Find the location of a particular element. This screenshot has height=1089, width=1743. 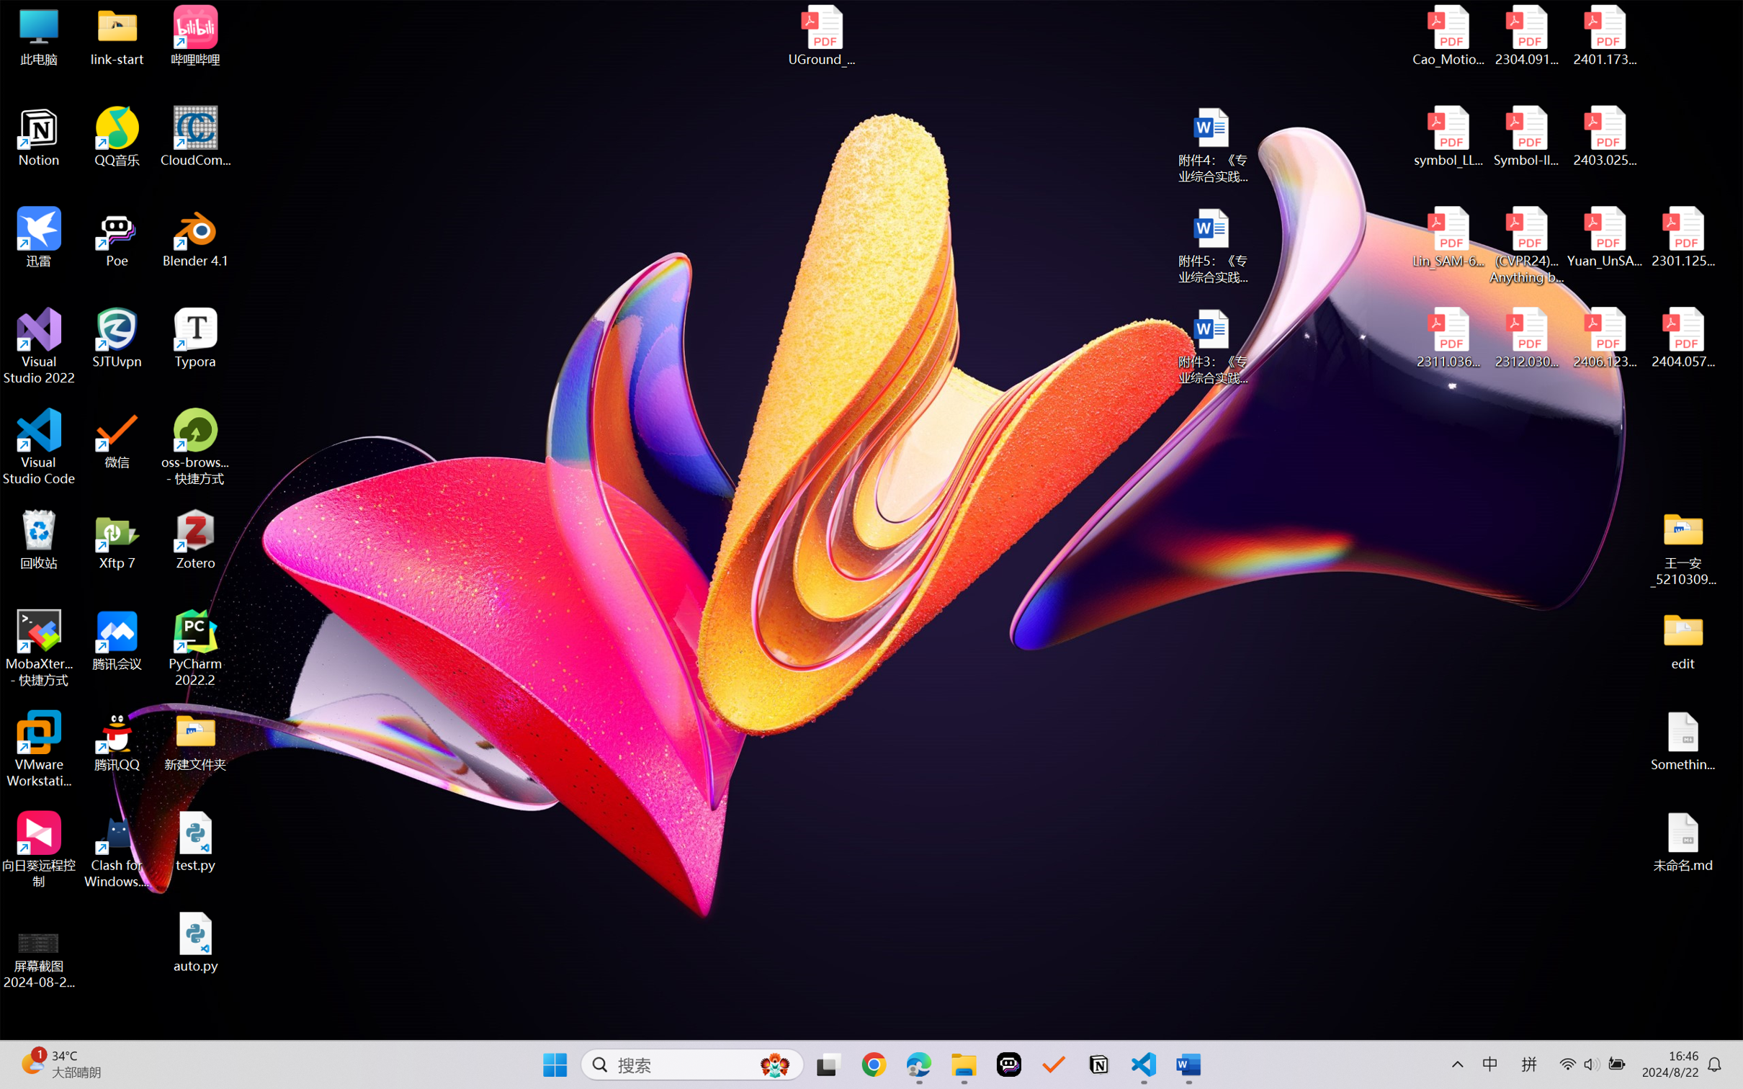

'auto.py' is located at coordinates (195, 942).